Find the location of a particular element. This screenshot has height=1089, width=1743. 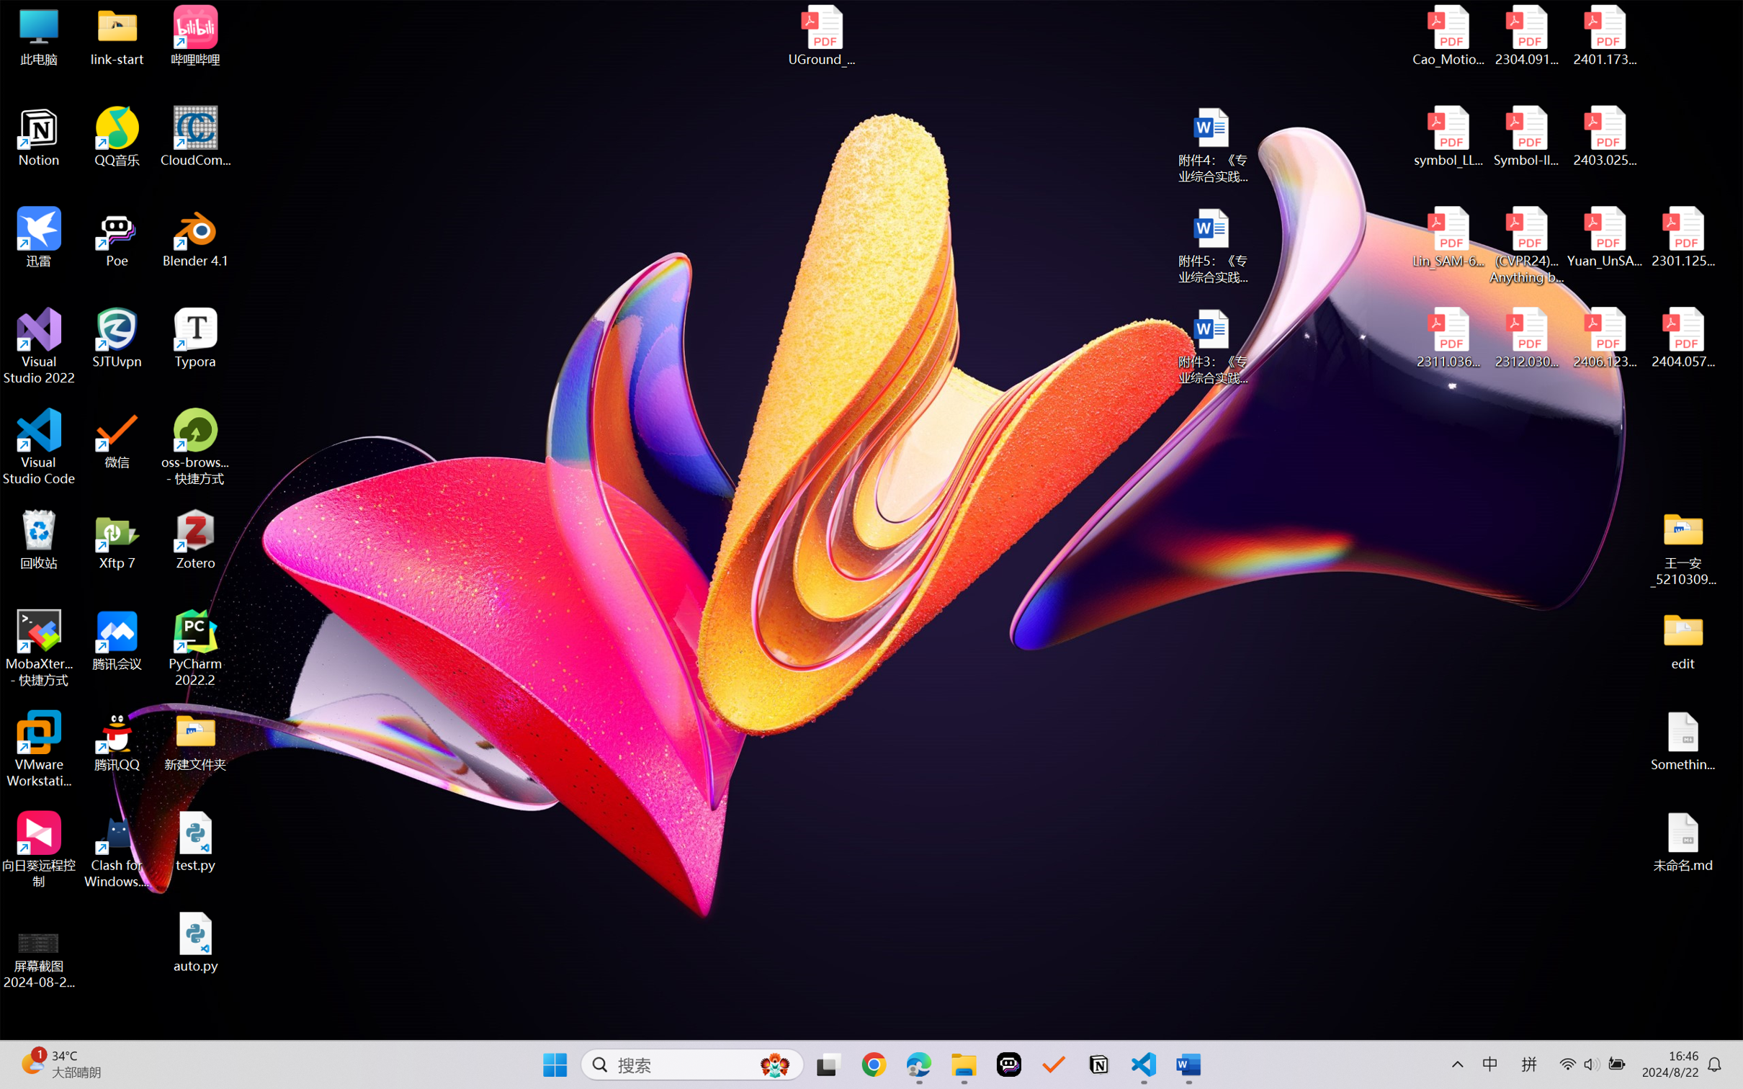

'auto.py' is located at coordinates (195, 942).